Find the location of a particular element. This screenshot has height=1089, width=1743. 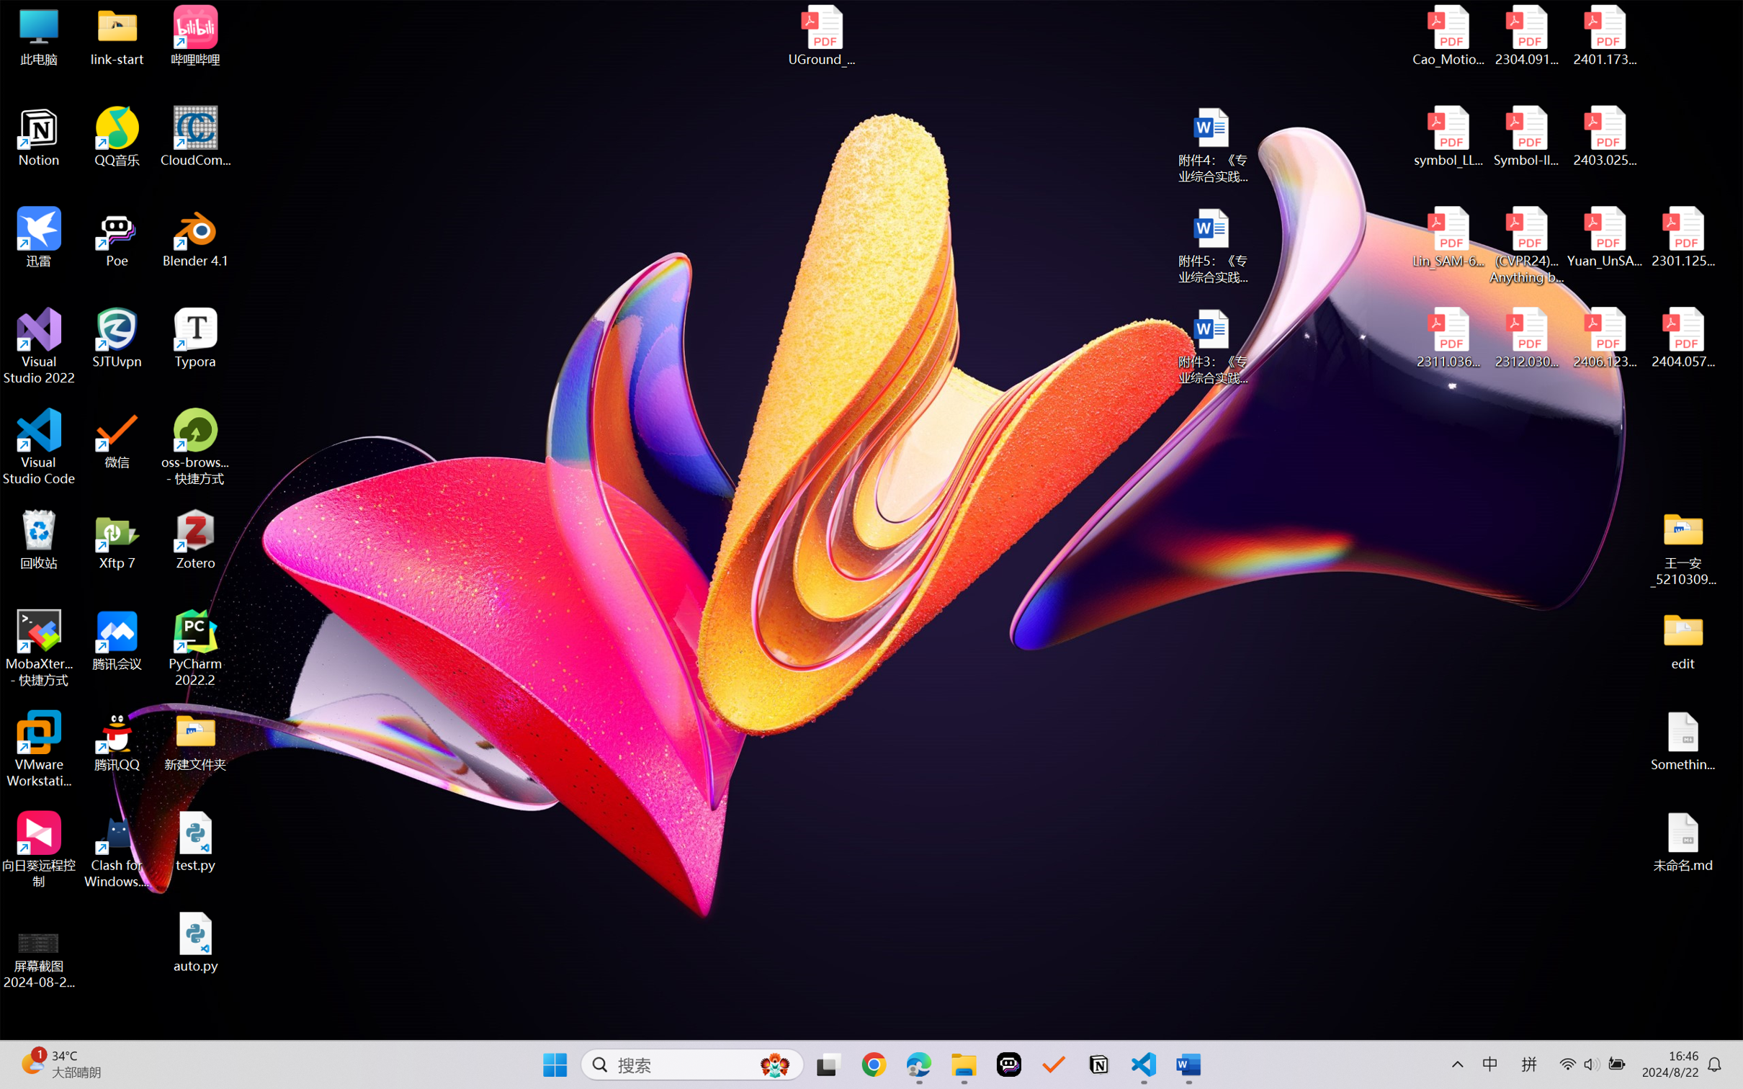

'auto.py' is located at coordinates (195, 942).